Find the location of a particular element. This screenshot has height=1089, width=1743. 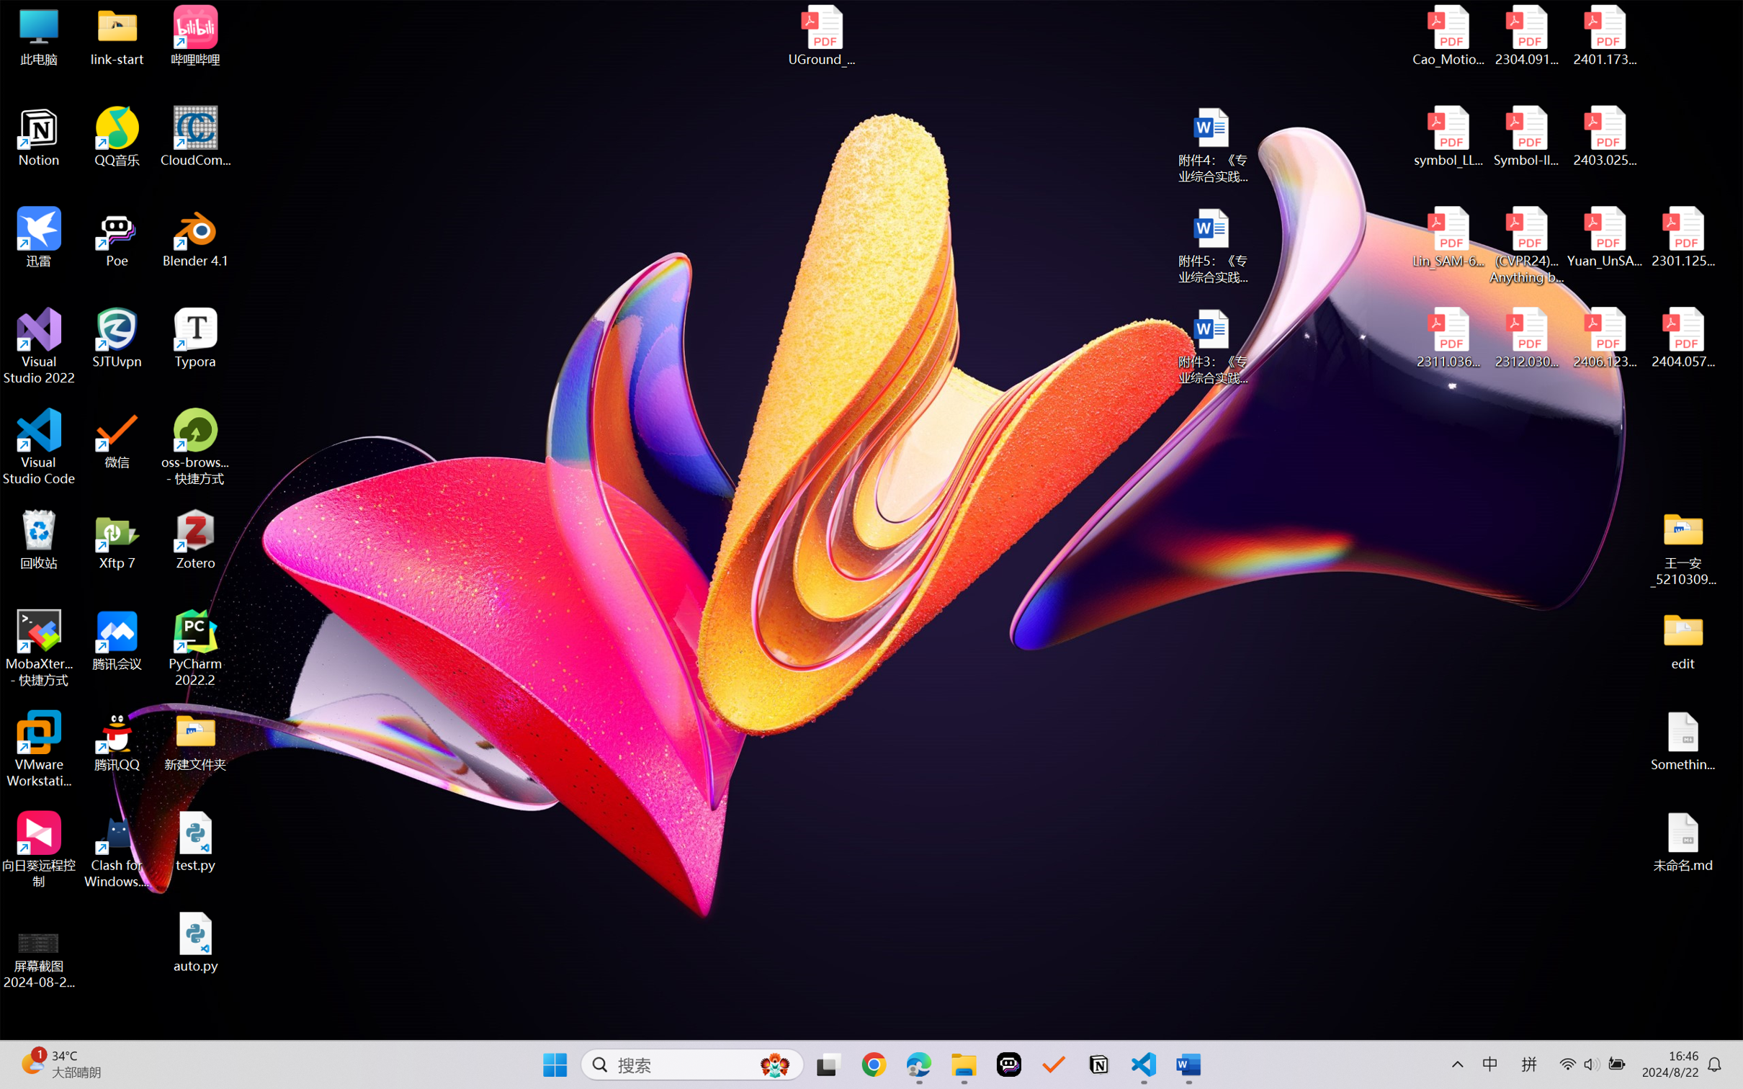

'auto.py' is located at coordinates (195, 942).